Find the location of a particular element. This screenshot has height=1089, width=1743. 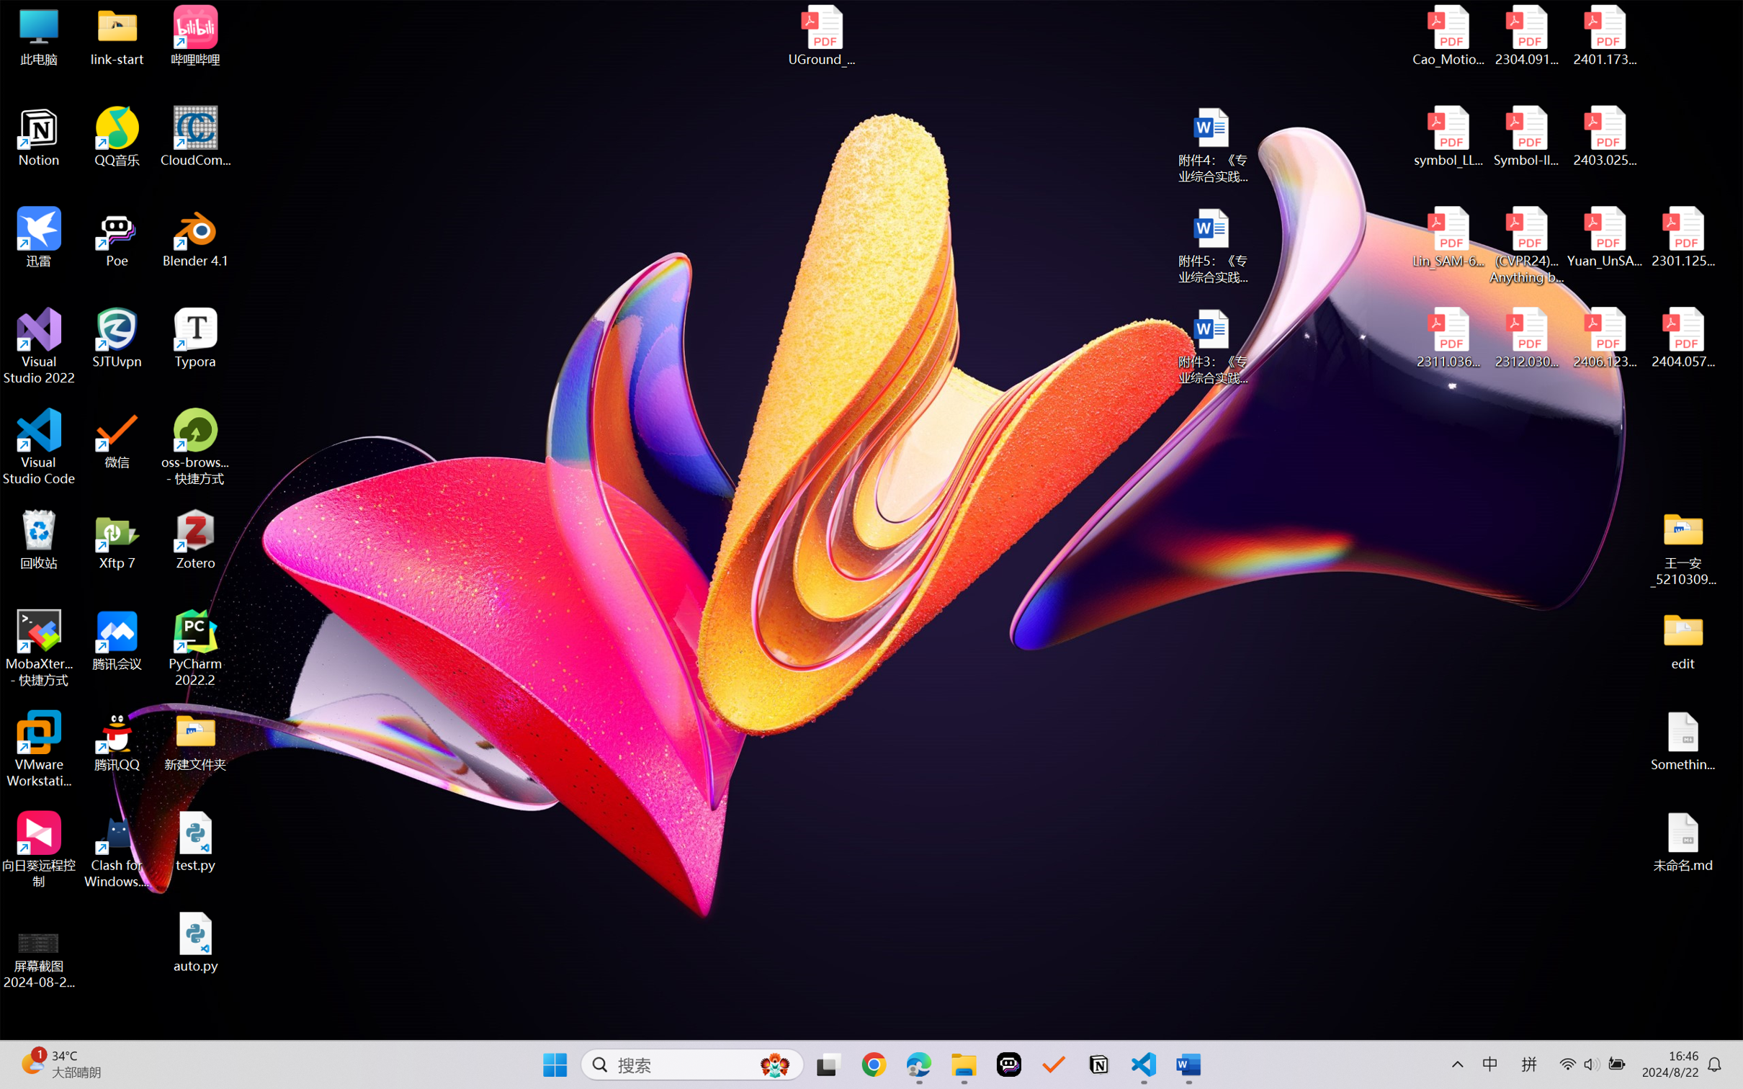

'auto.py' is located at coordinates (195, 942).